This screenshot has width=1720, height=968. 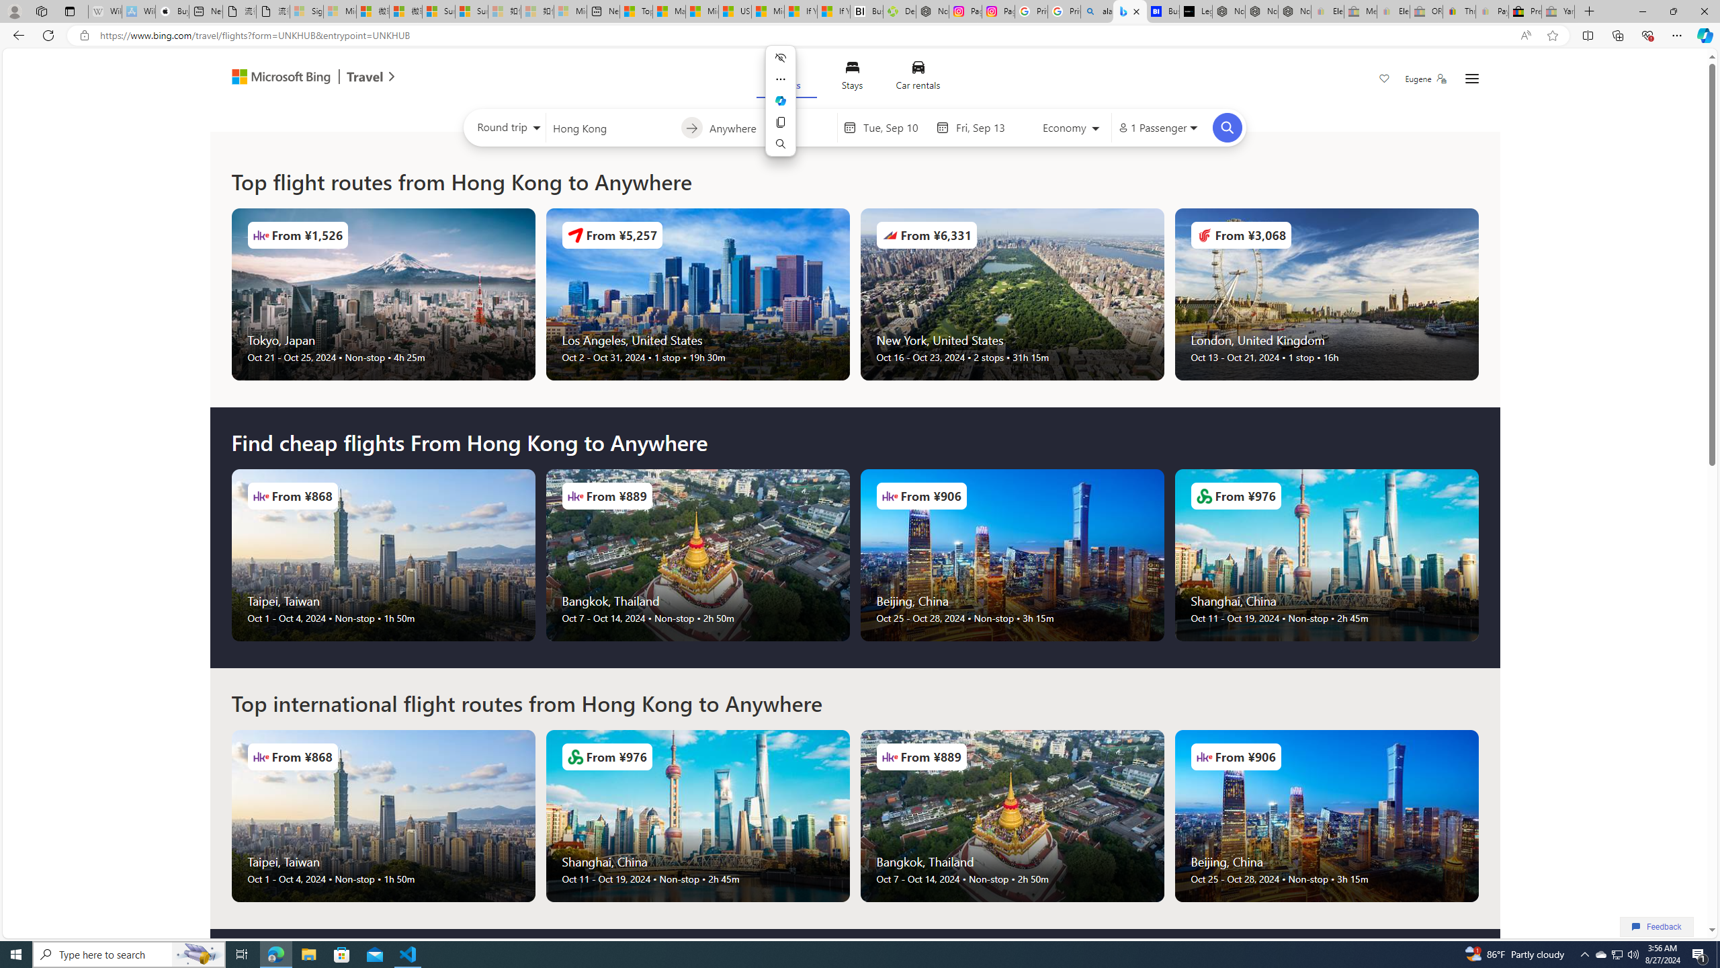 What do you see at coordinates (305, 11) in the screenshot?
I see `'Sign in to your Microsoft account - Sleeping'` at bounding box center [305, 11].